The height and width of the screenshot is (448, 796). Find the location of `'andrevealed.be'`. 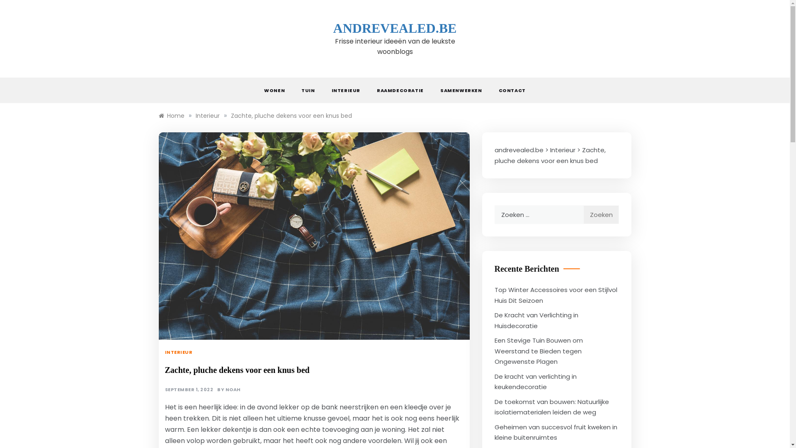

'andrevealed.be' is located at coordinates (518, 150).